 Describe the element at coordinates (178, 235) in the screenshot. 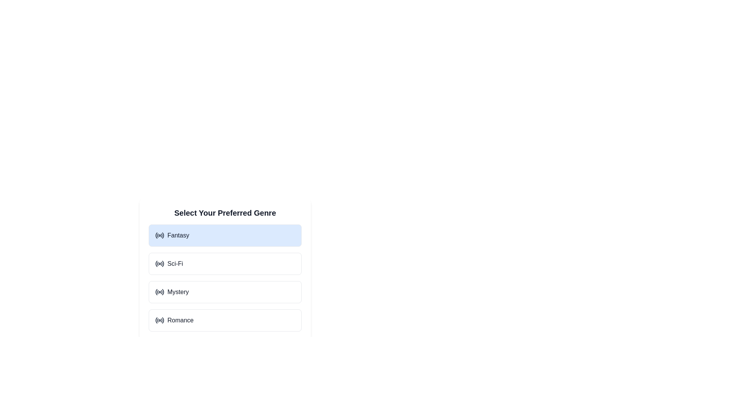

I see `text label that identifies the genre option 'Fantasy' located within the first card option under the heading 'Select Your Preferred Genre.'` at that location.